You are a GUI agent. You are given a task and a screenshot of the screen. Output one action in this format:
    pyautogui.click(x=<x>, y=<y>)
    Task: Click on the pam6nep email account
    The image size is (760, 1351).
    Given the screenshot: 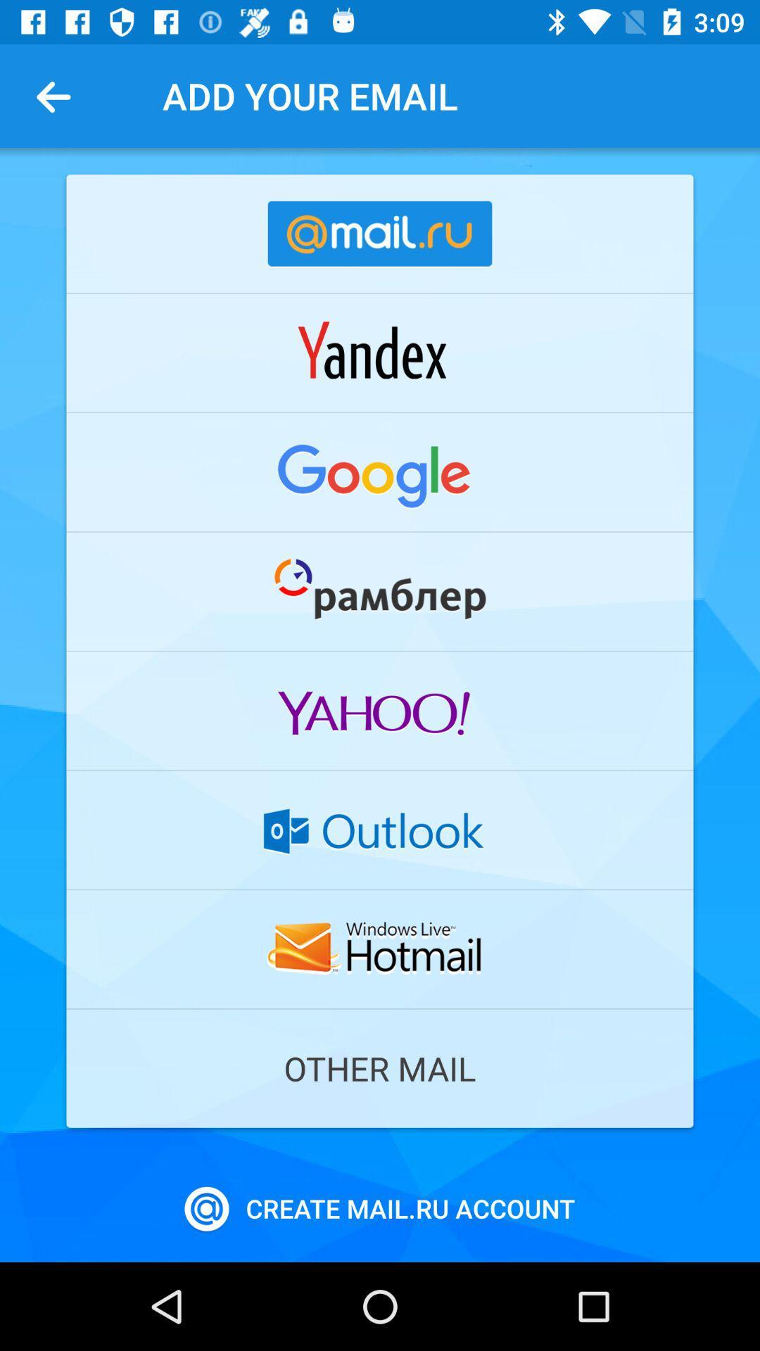 What is the action you would take?
    pyautogui.click(x=380, y=591)
    